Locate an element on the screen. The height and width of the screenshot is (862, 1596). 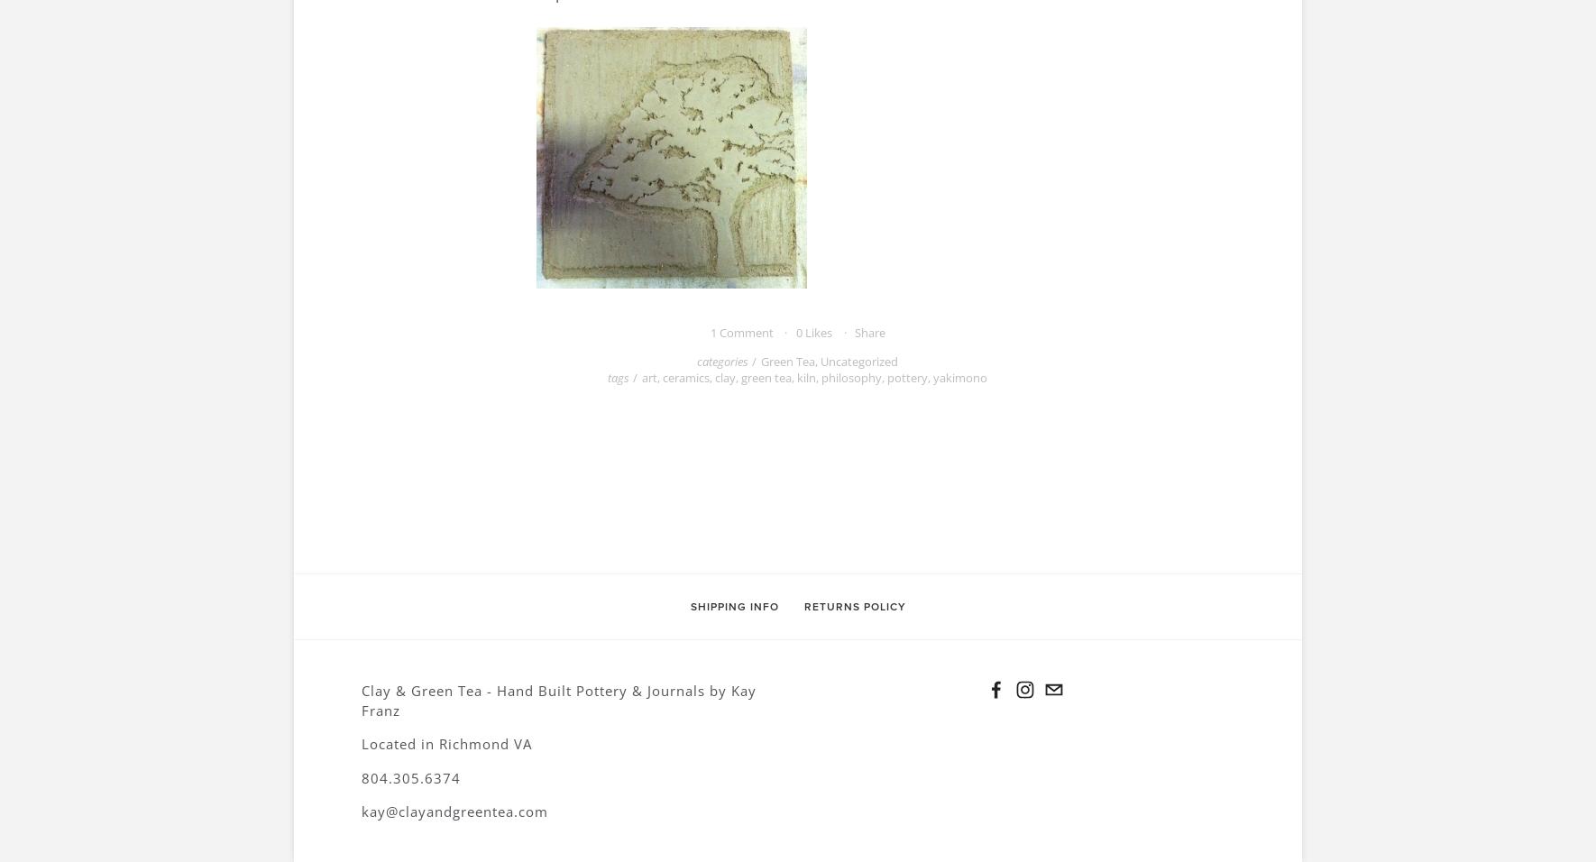
'green tea' is located at coordinates (766, 376).